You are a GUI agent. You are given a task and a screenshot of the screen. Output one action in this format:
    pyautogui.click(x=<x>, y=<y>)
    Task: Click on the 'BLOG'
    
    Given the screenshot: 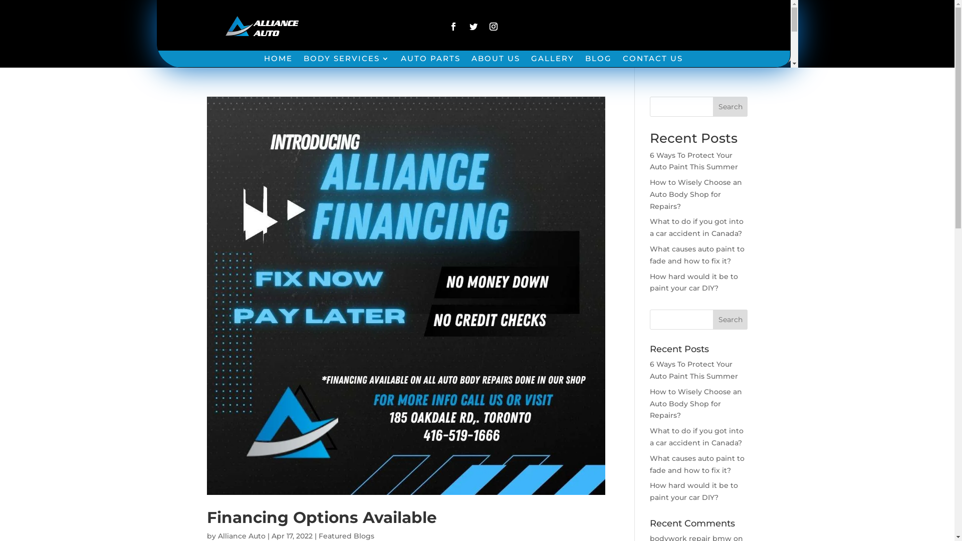 What is the action you would take?
    pyautogui.click(x=585, y=61)
    